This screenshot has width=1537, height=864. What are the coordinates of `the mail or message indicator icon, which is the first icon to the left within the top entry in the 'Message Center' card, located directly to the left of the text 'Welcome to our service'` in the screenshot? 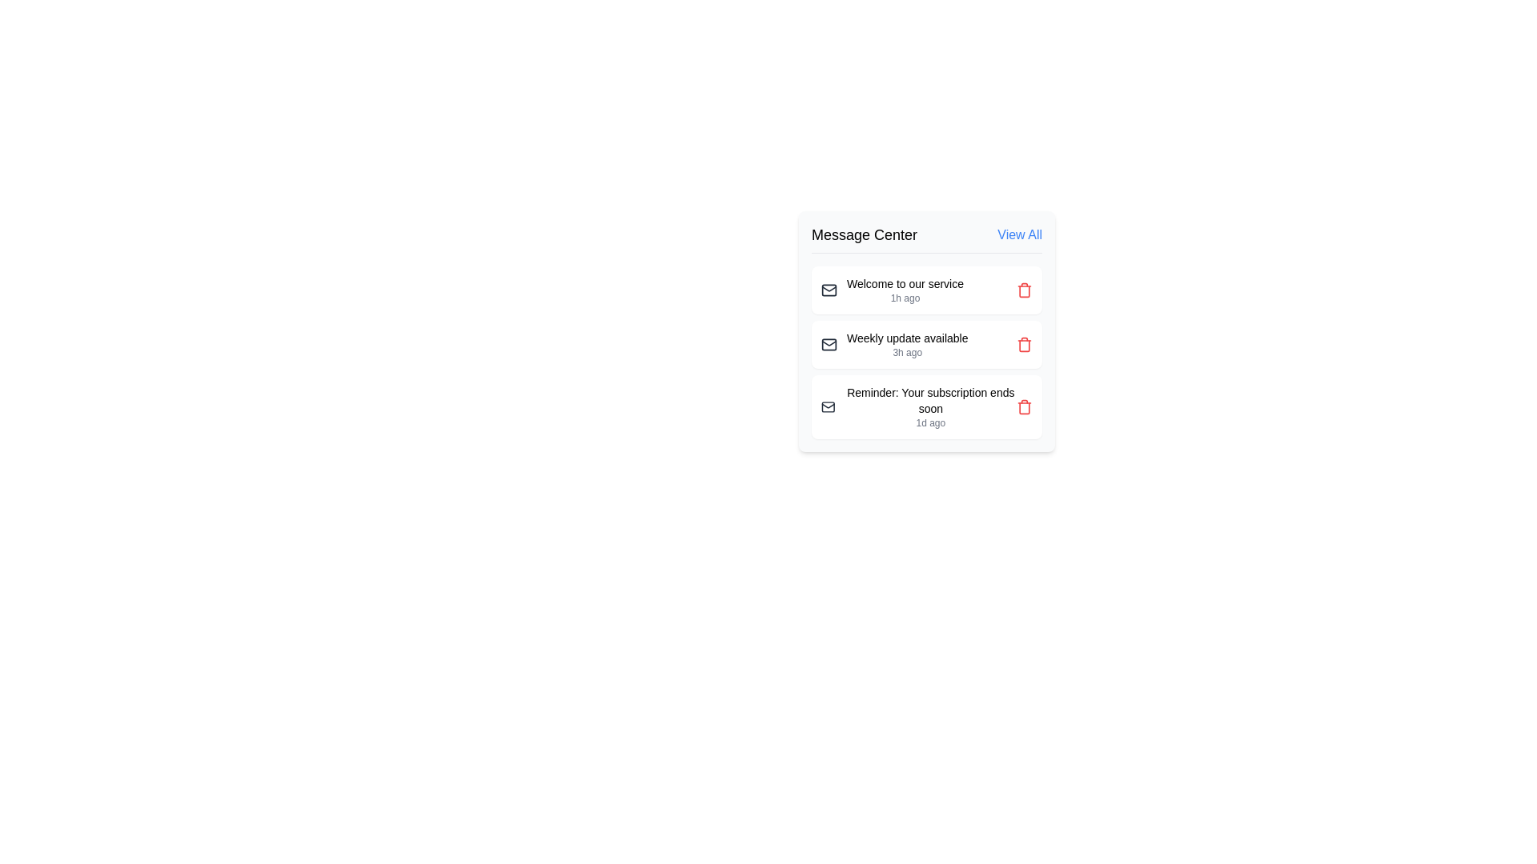 It's located at (829, 290).